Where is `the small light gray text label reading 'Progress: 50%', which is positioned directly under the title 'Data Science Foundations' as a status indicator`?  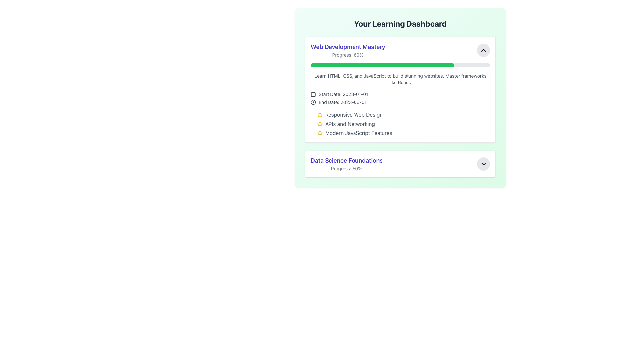
the small light gray text label reading 'Progress: 50%', which is positioned directly under the title 'Data Science Foundations' as a status indicator is located at coordinates (346, 168).